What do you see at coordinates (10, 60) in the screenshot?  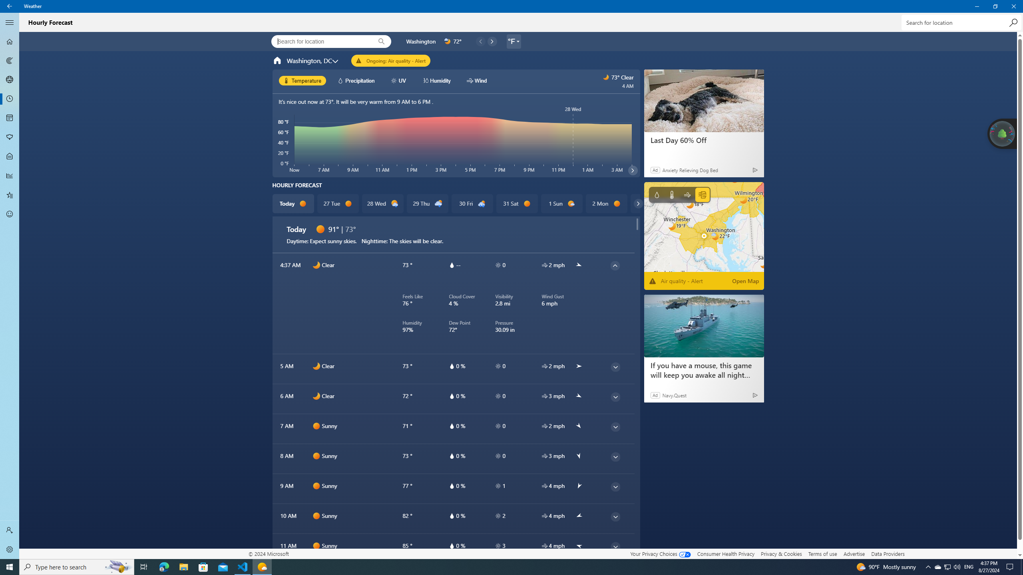 I see `'Maps - Not Selected'` at bounding box center [10, 60].